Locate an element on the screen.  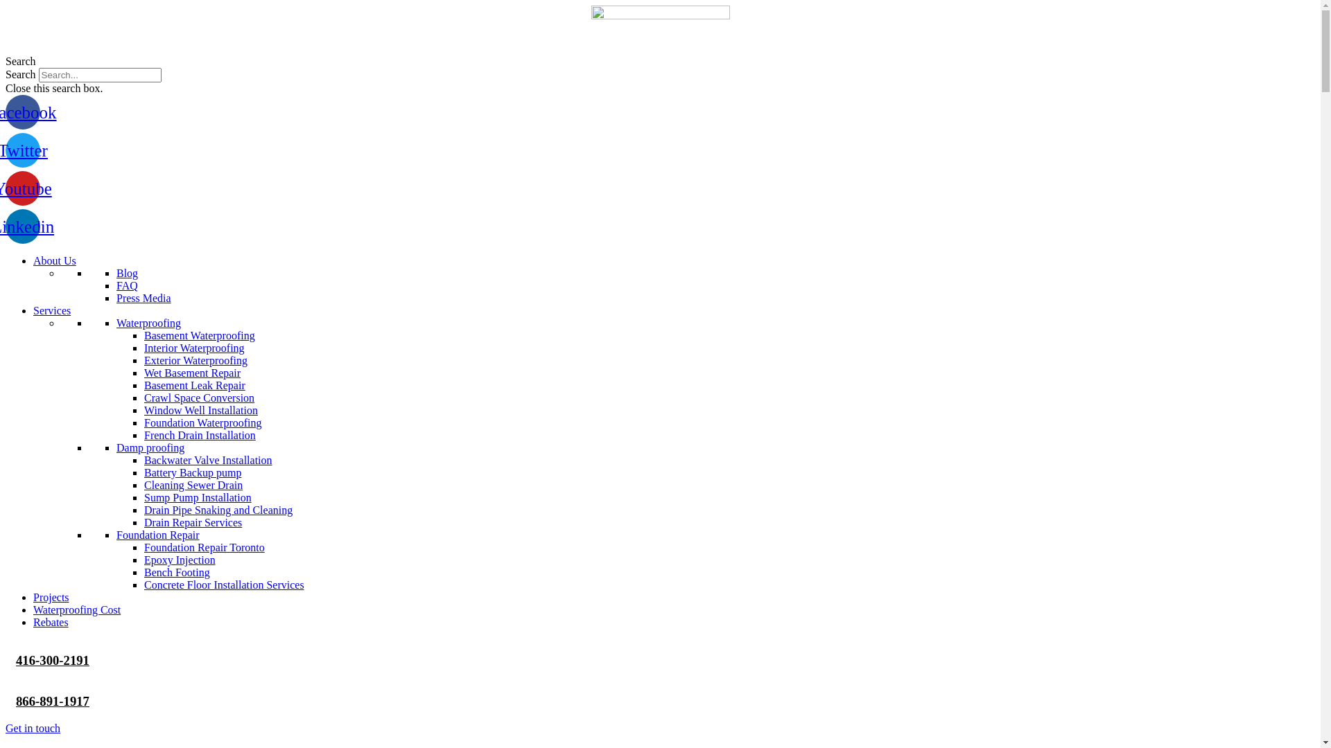
'Blog' is located at coordinates (127, 273).